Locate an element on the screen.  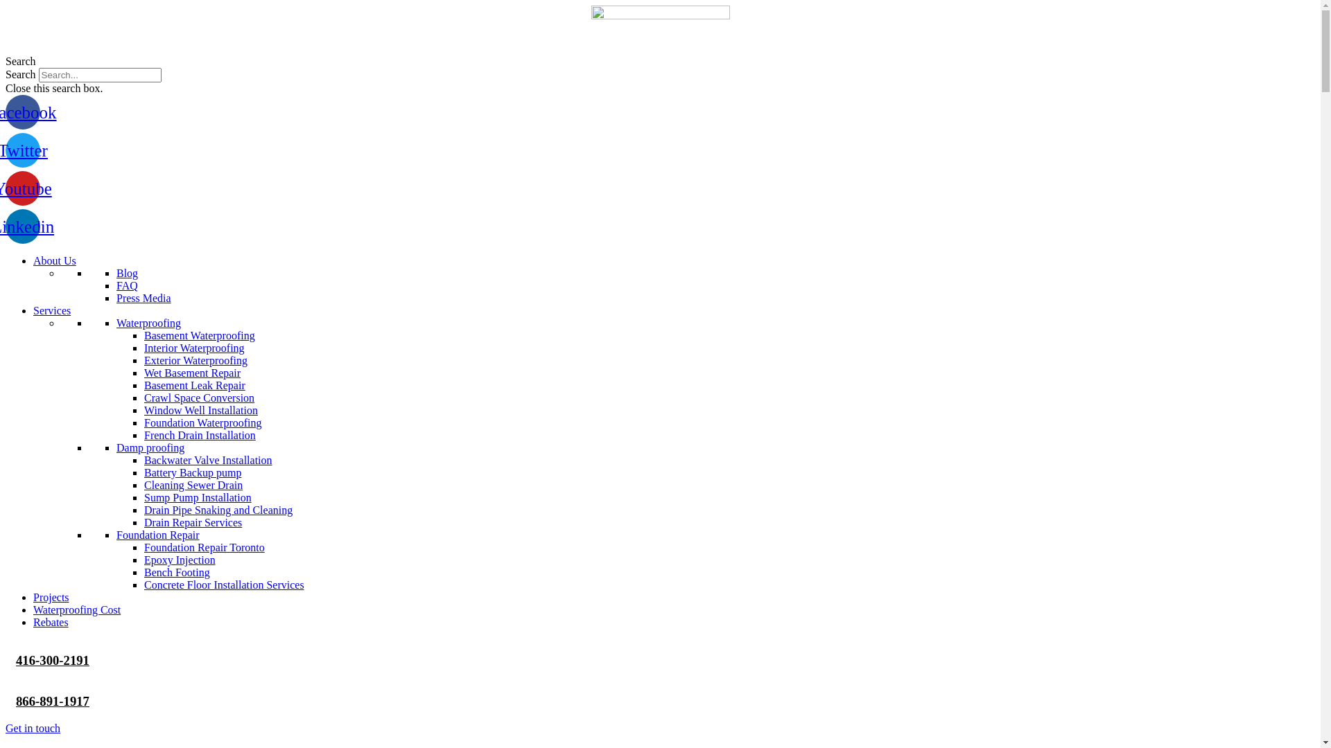
'Blog' is located at coordinates (127, 273).